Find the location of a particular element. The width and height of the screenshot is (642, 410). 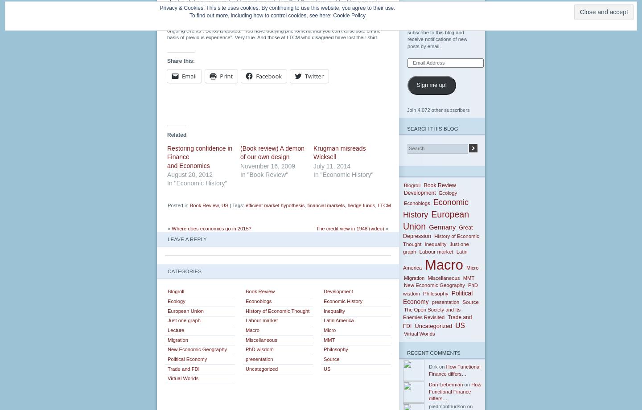

'Enter your email address to subscribe to this blog and receive notifications of new posts by email.' is located at coordinates (437, 35).